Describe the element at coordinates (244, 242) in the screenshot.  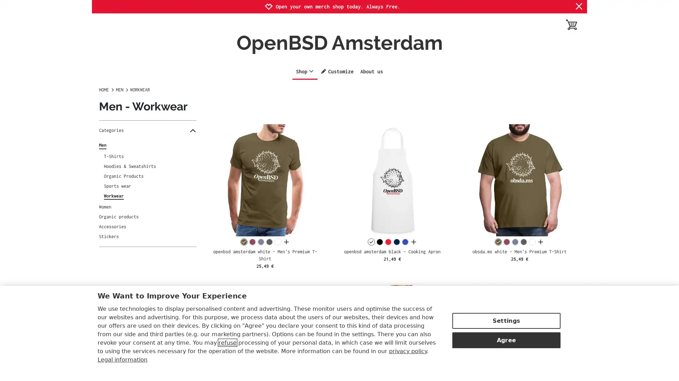
I see `khaki` at that location.